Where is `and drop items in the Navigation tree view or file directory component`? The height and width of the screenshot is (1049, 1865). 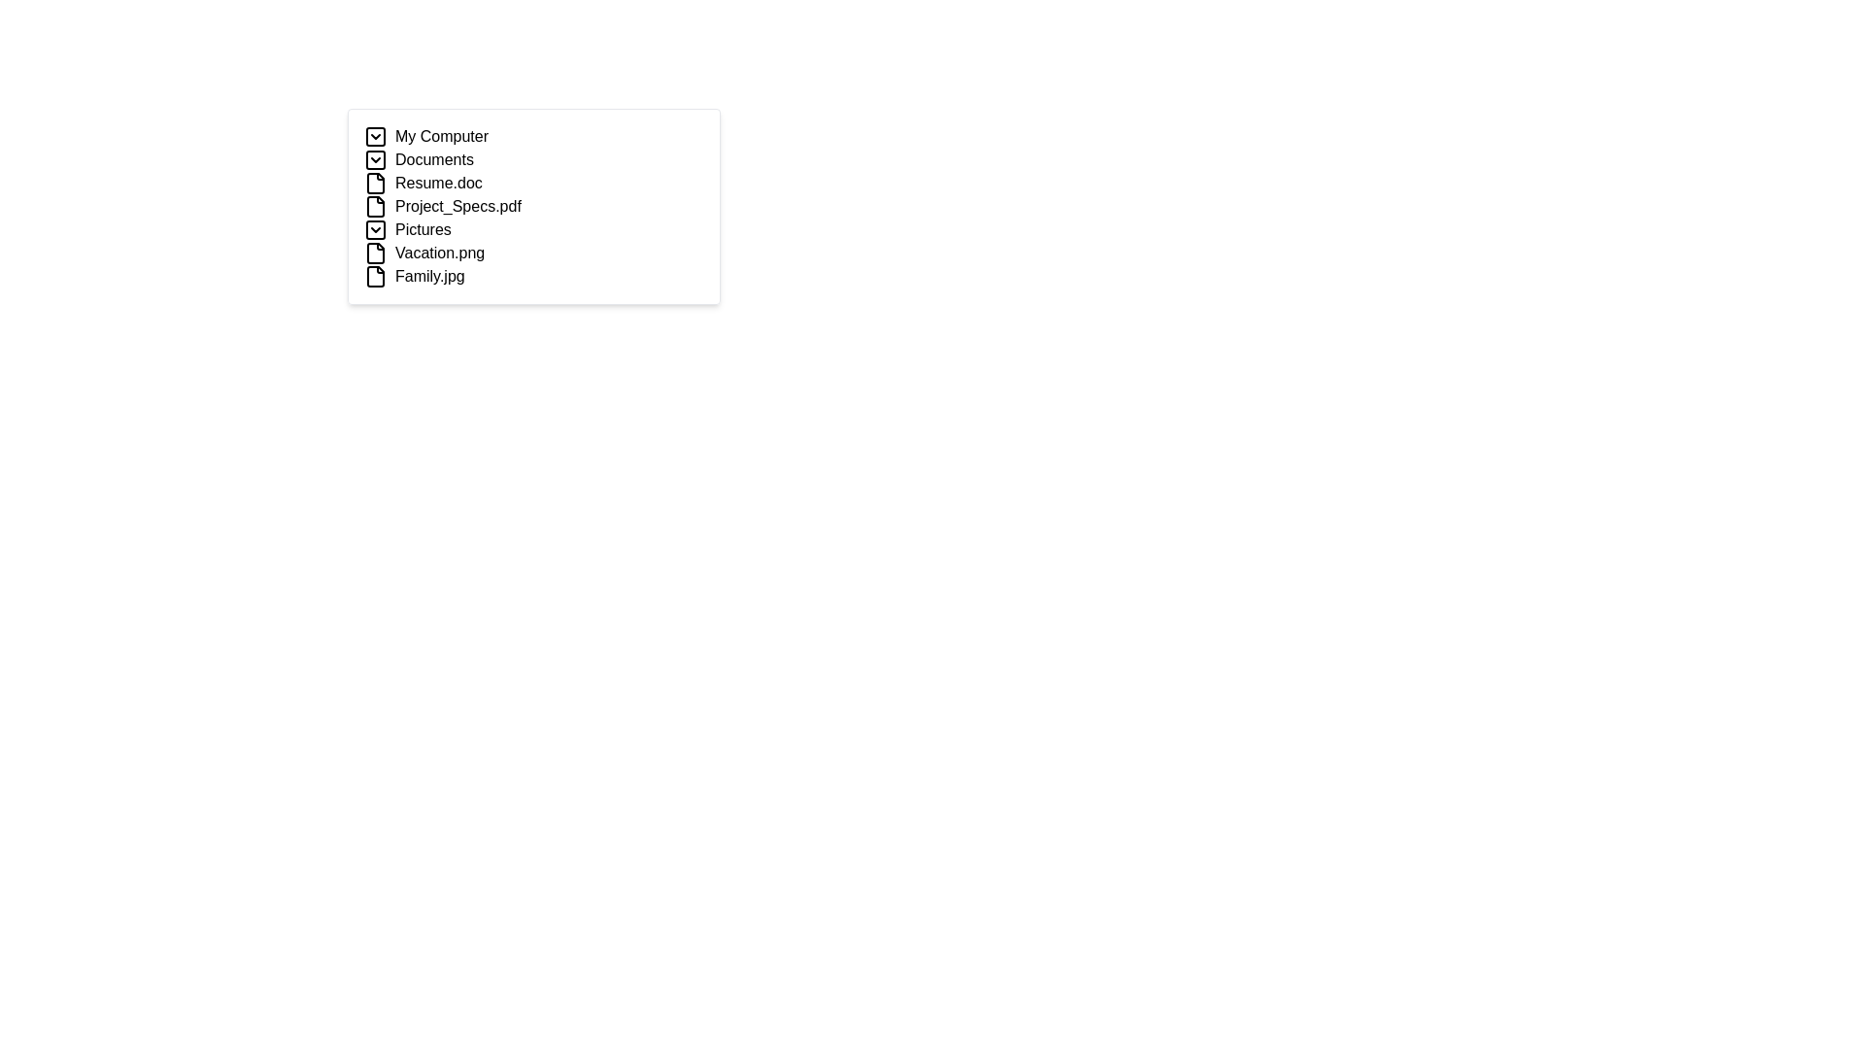
and drop items in the Navigation tree view or file directory component is located at coordinates (534, 206).